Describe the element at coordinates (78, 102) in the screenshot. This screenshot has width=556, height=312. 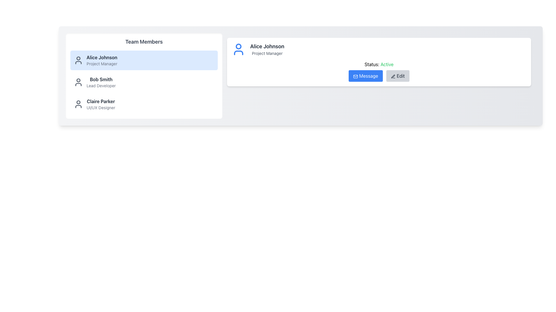
I see `the SVG circle element representing the user icon located to the left of 'Claire Parker' in the 'Team Members' section` at that location.